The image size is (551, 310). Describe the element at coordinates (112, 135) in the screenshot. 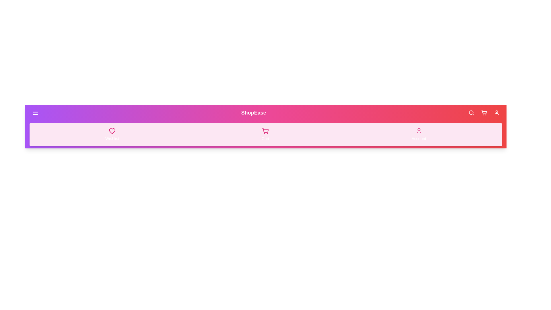

I see `the Wishlist button to interact with it` at that location.